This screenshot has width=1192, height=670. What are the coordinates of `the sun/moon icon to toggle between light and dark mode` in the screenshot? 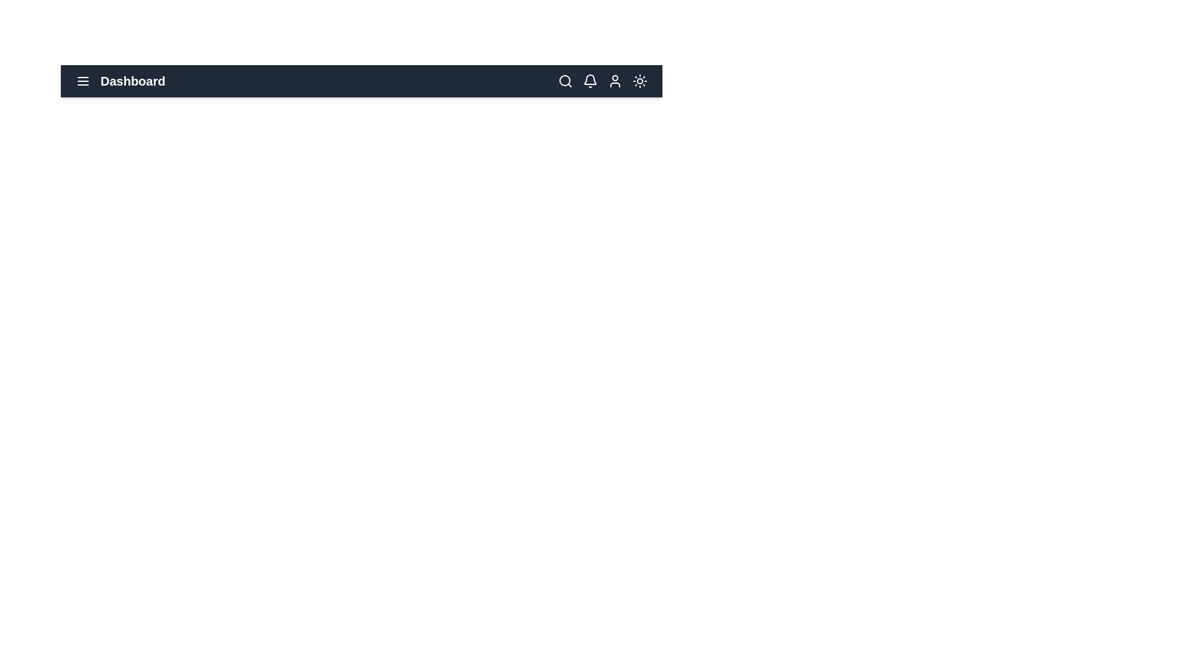 It's located at (640, 81).